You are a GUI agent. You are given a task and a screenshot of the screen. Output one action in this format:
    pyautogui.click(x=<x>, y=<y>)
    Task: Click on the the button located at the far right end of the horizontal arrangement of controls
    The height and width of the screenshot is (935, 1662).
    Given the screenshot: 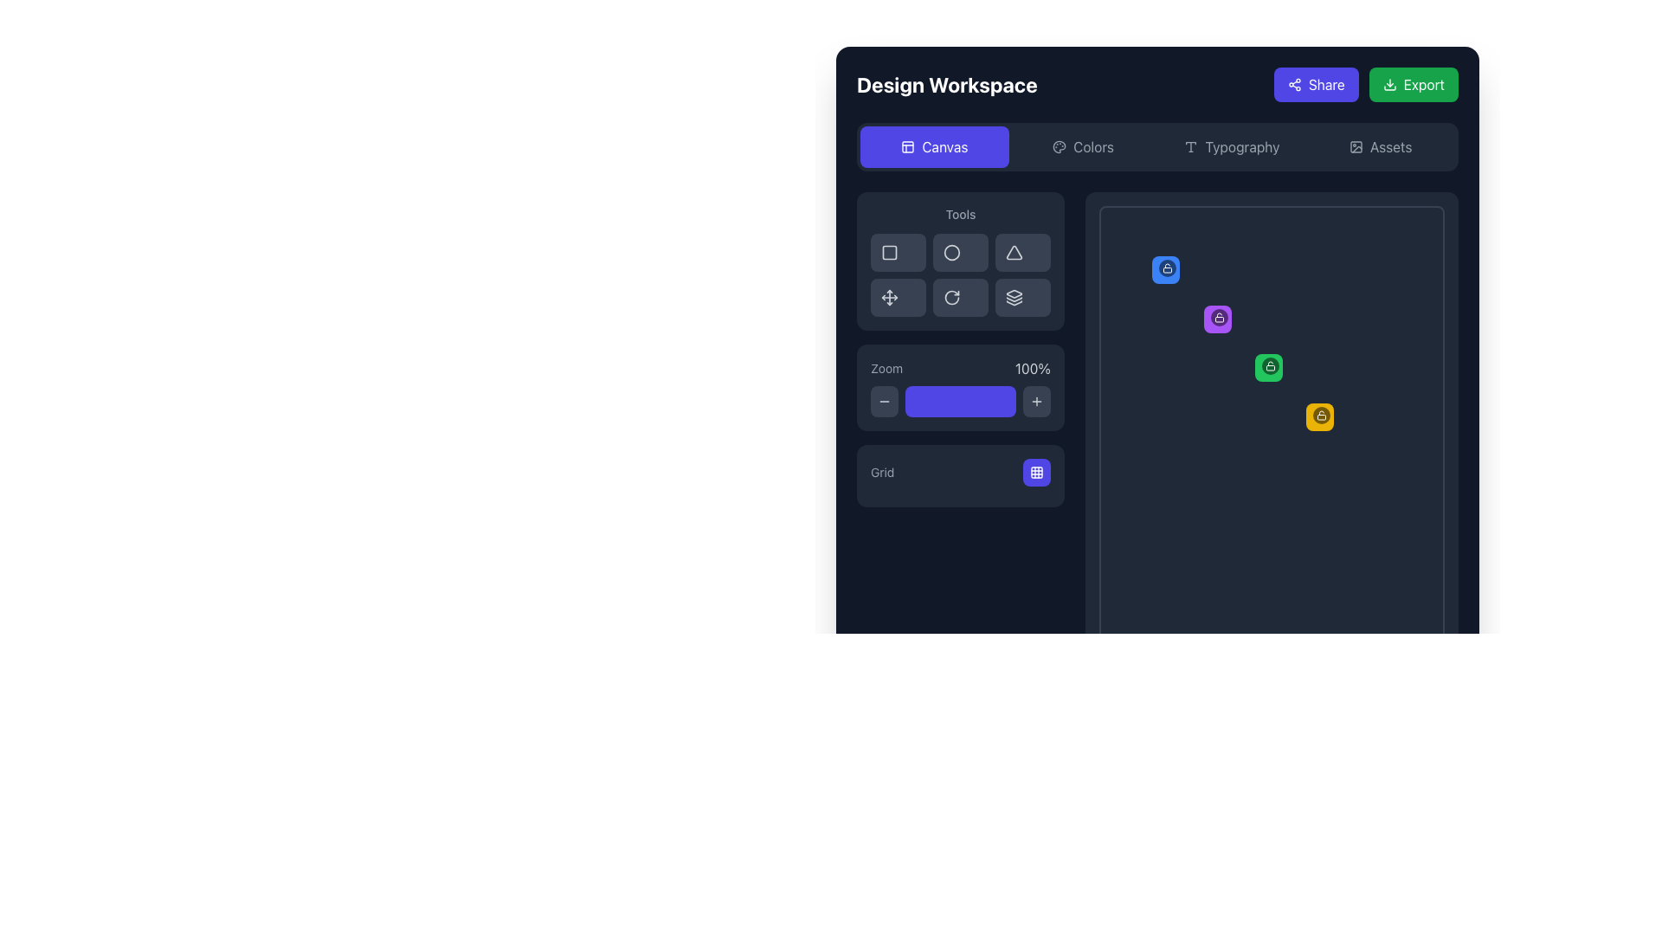 What is the action you would take?
    pyautogui.click(x=1037, y=401)
    